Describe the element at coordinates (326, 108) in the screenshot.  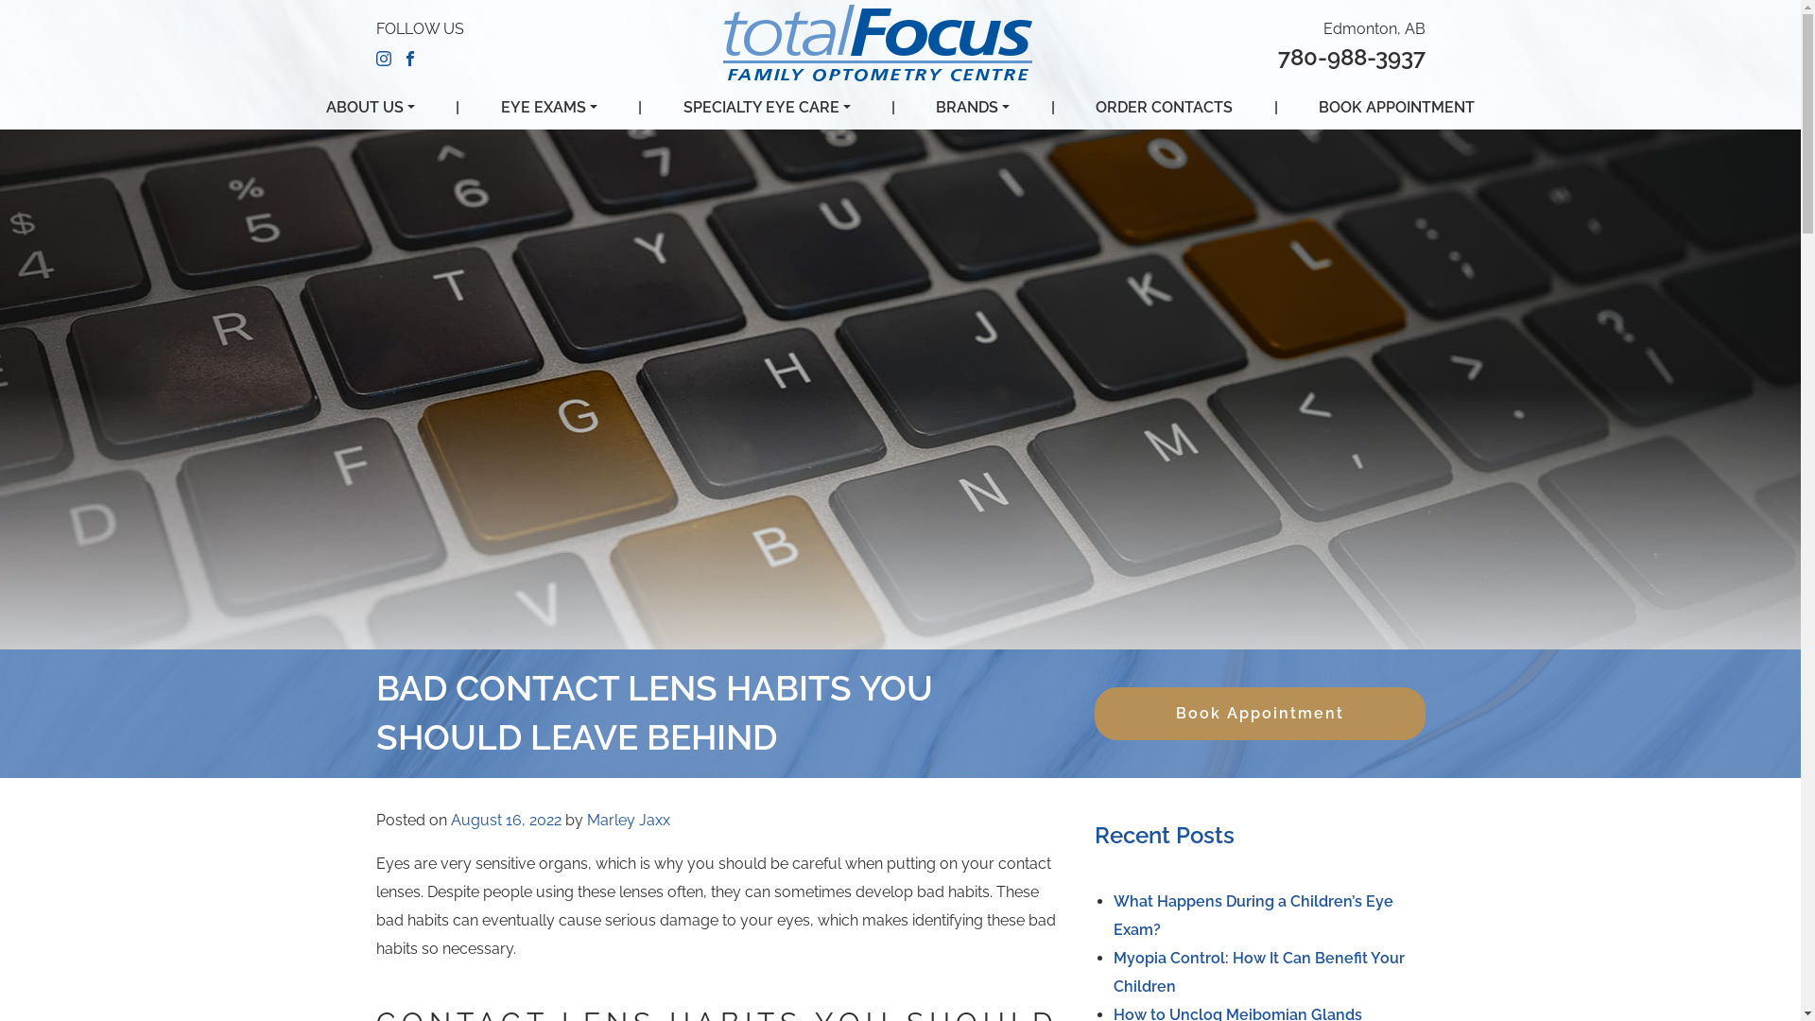
I see `'ABOUT US'` at that location.